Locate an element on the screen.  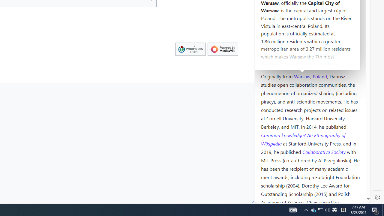
'Poland' is located at coordinates (319, 76).